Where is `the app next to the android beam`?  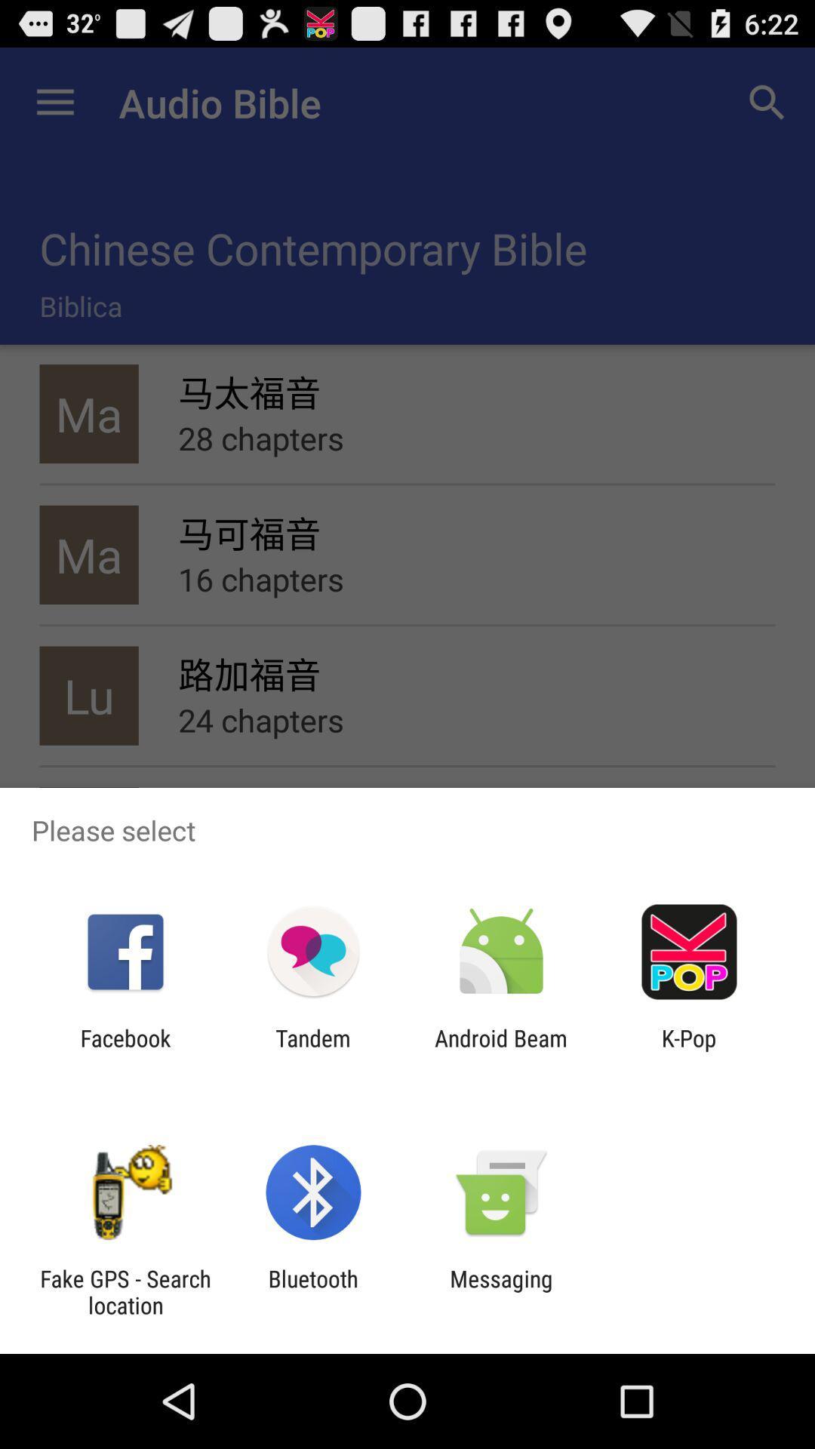 the app next to the android beam is located at coordinates (312, 1051).